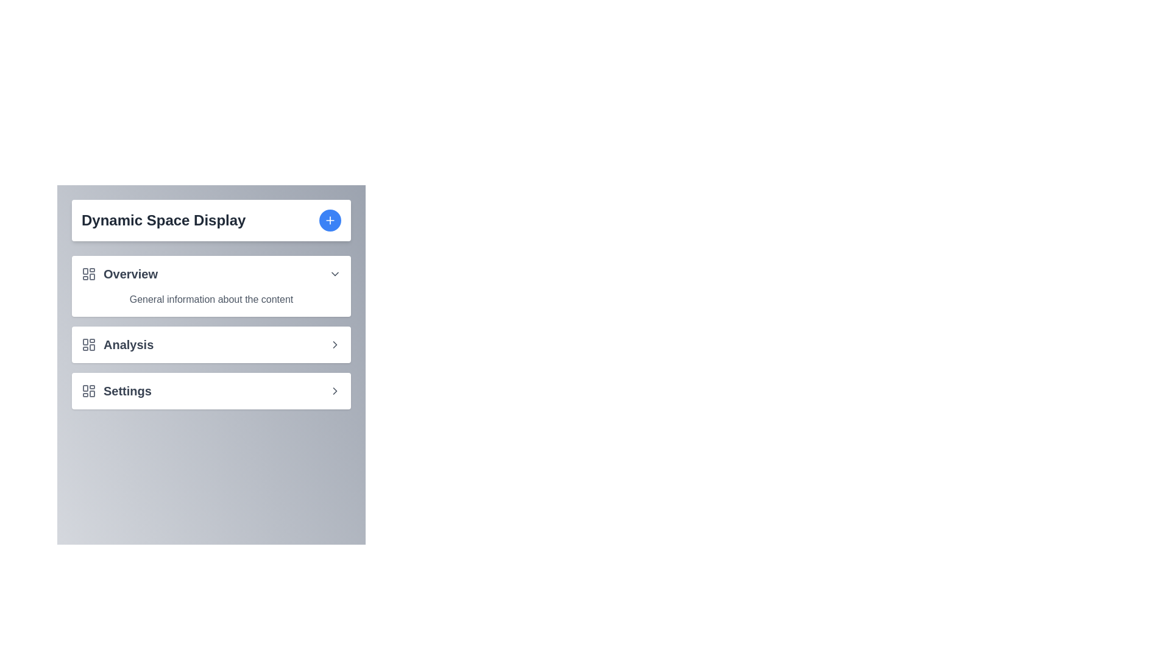 The image size is (1170, 658). Describe the element at coordinates (335, 391) in the screenshot. I see `the Chevron Icon located on the right side of the 'Settings' row` at that location.